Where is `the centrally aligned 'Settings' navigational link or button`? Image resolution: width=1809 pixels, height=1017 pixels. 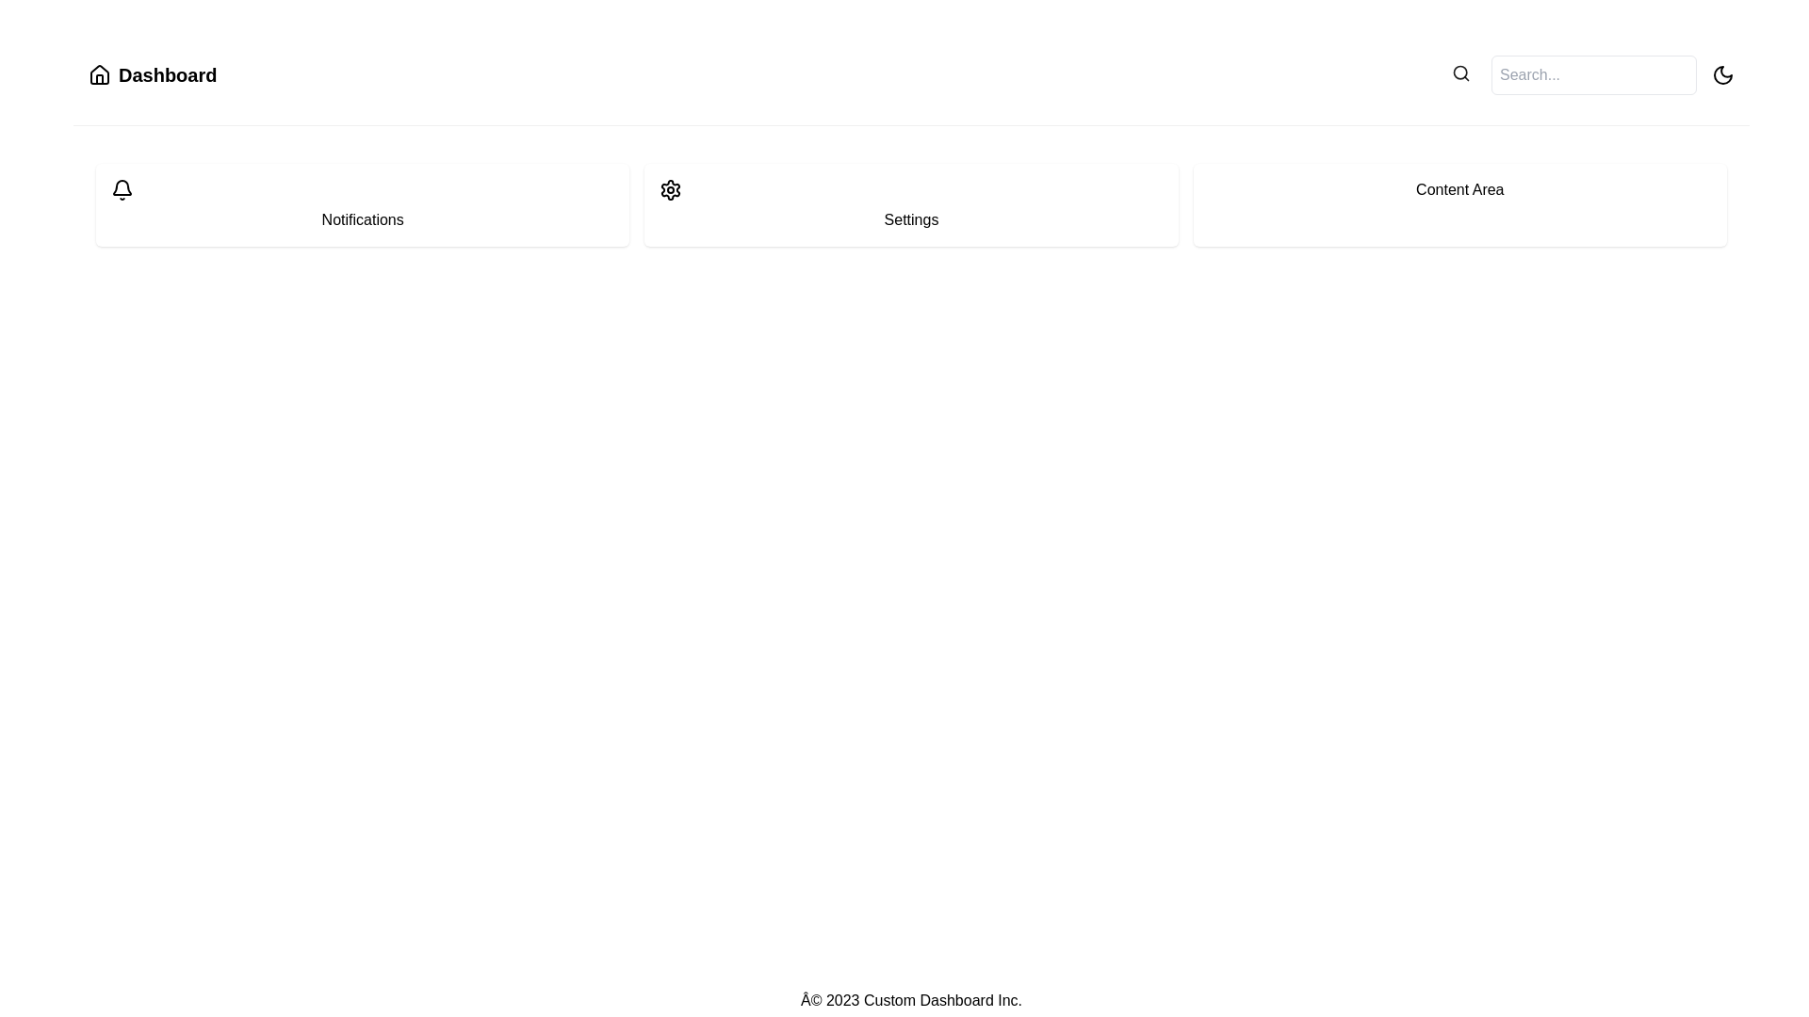
the centrally aligned 'Settings' navigational link or button is located at coordinates (911, 205).